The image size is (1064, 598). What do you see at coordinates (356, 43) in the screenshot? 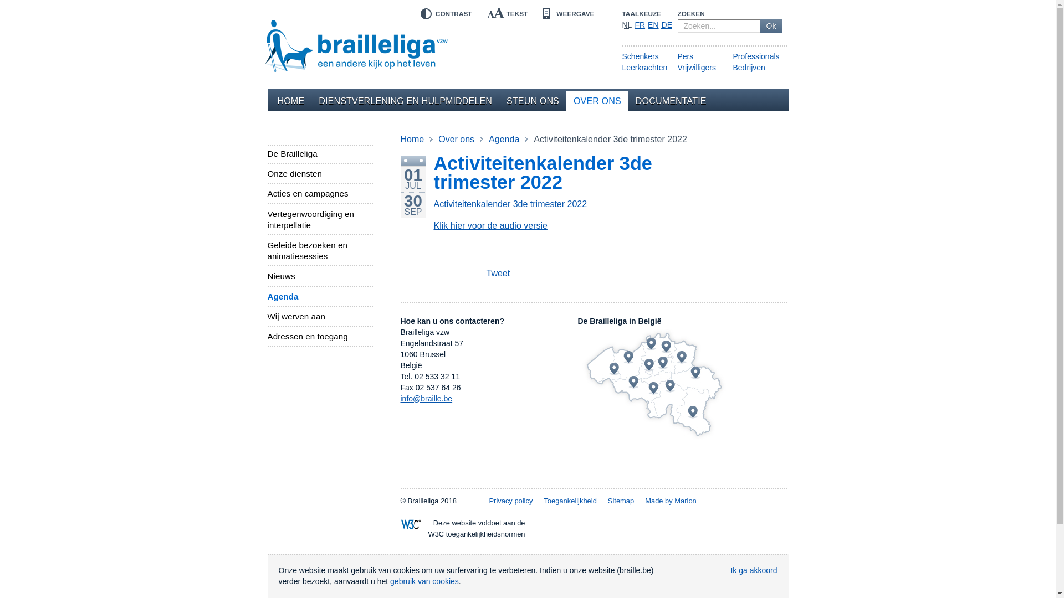
I see `'Brailleliga'` at bounding box center [356, 43].